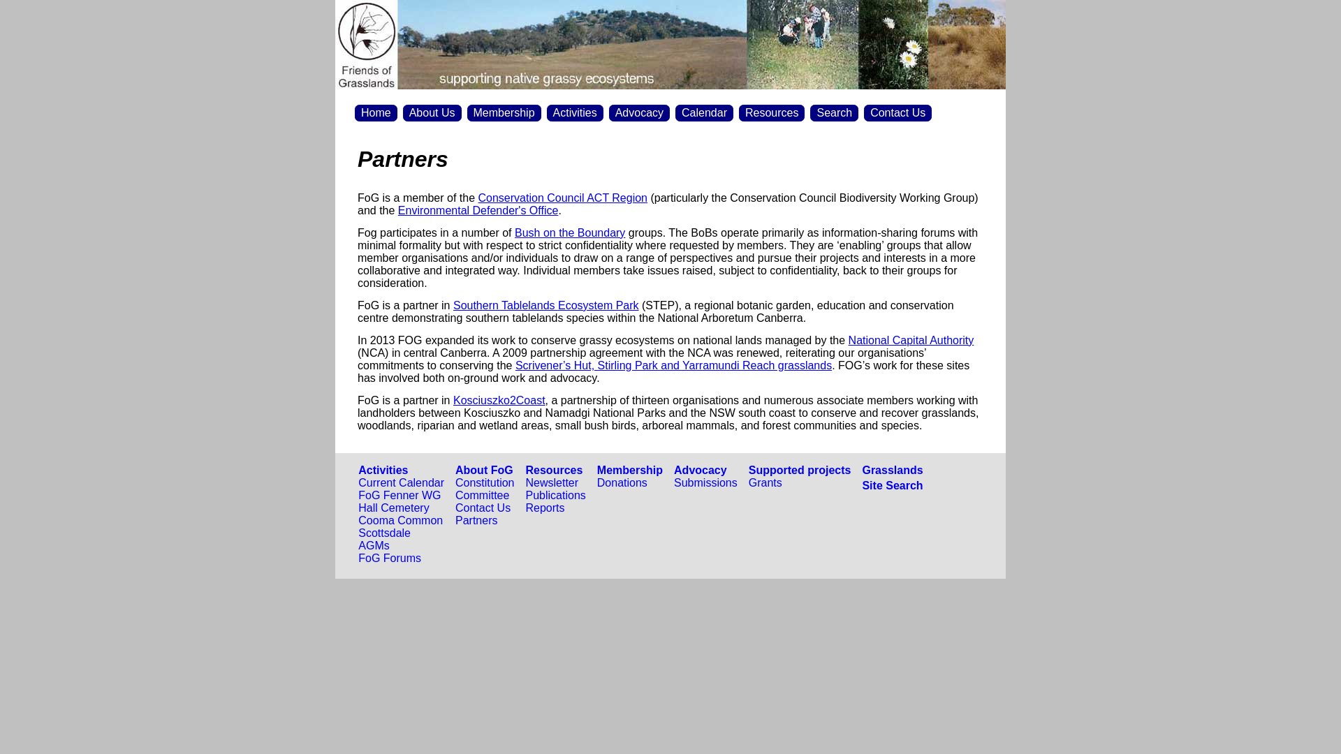  Describe the element at coordinates (478, 210) in the screenshot. I see `'Environmental Defender's Office'` at that location.